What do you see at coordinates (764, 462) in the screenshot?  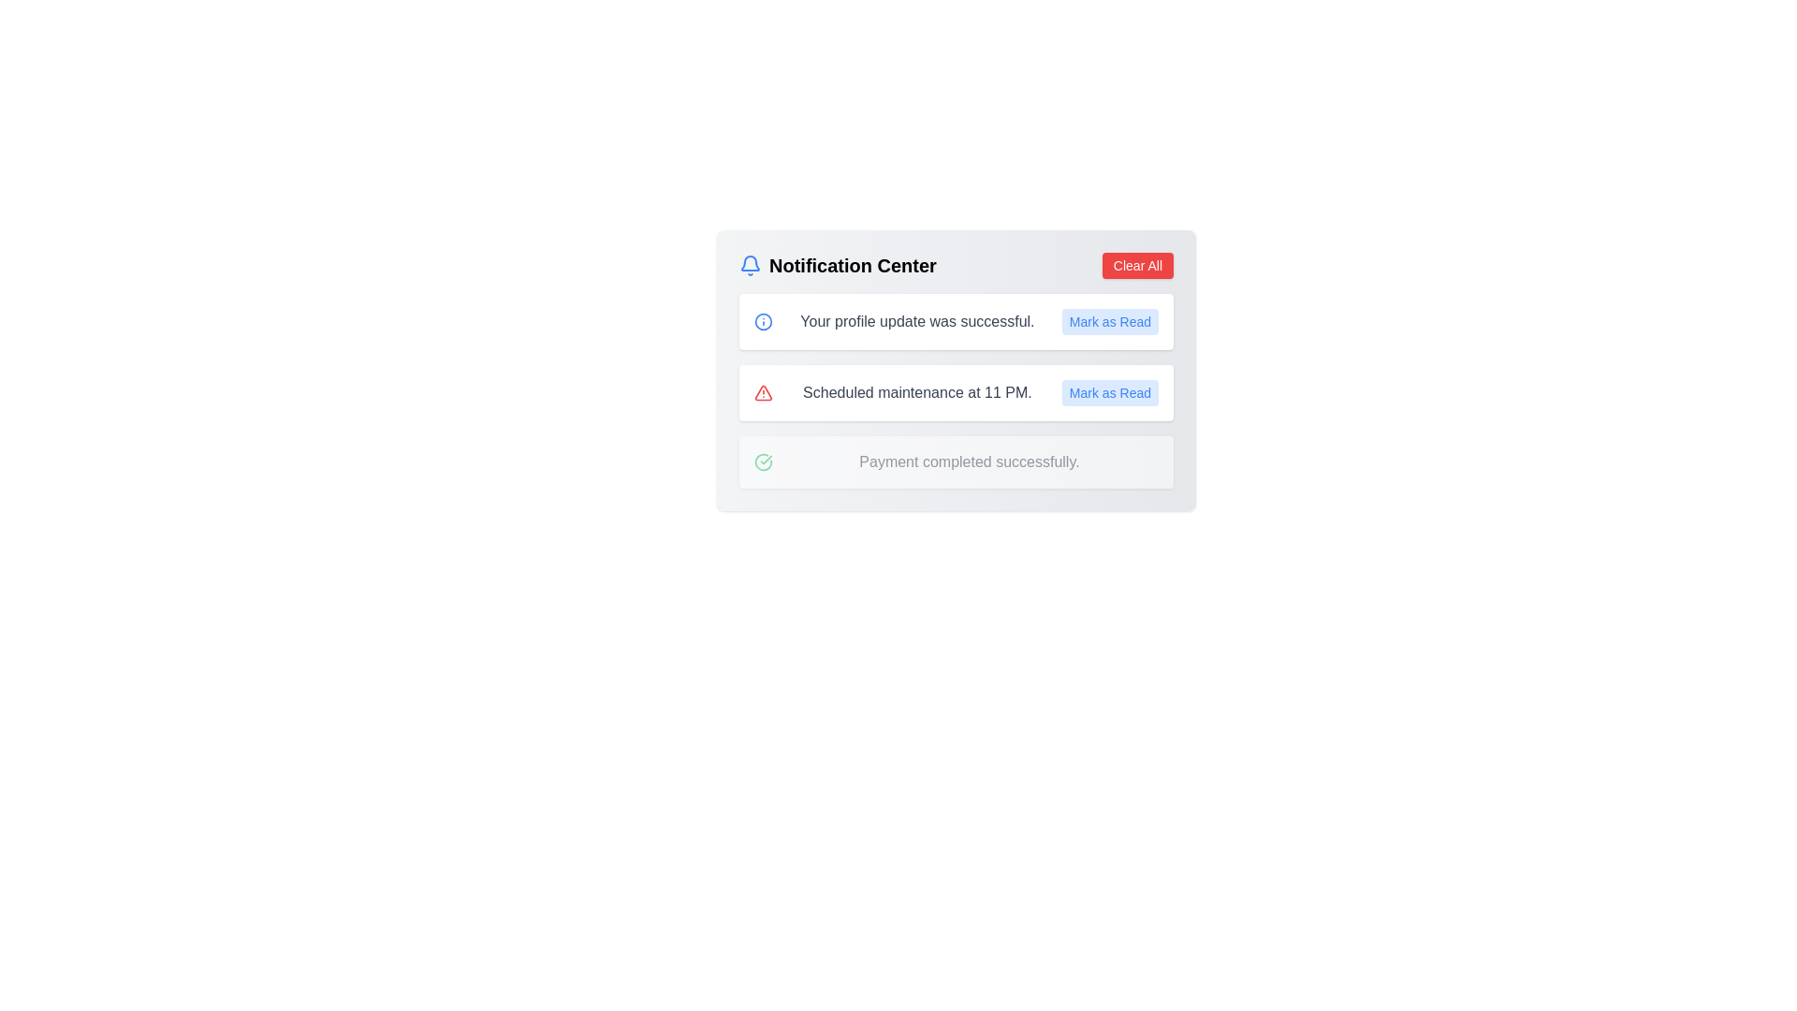 I see `the 'Payment completed successfully' icon located at the bottom of the notification box in the 'Notification Center'` at bounding box center [764, 462].